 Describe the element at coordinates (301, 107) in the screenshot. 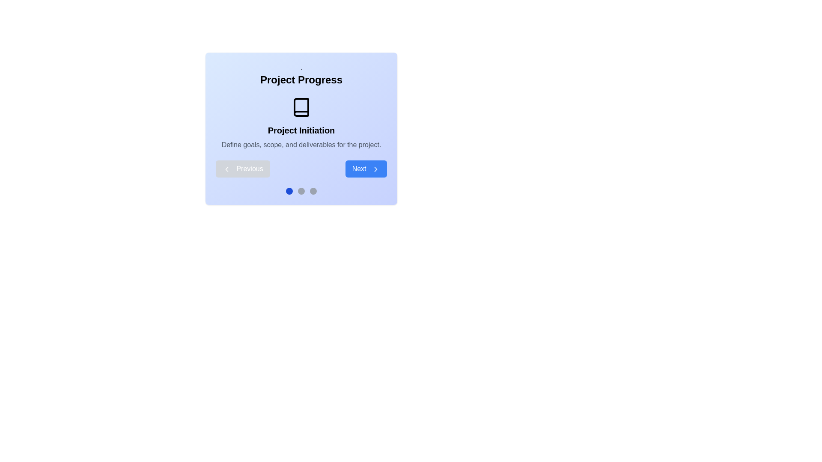

I see `the book icon, which is centrally positioned above the text 'Project Initiation' and below 'Project Progress', featuring a minimalistic design with rounded edges and a dark outline against a light blue background` at that location.